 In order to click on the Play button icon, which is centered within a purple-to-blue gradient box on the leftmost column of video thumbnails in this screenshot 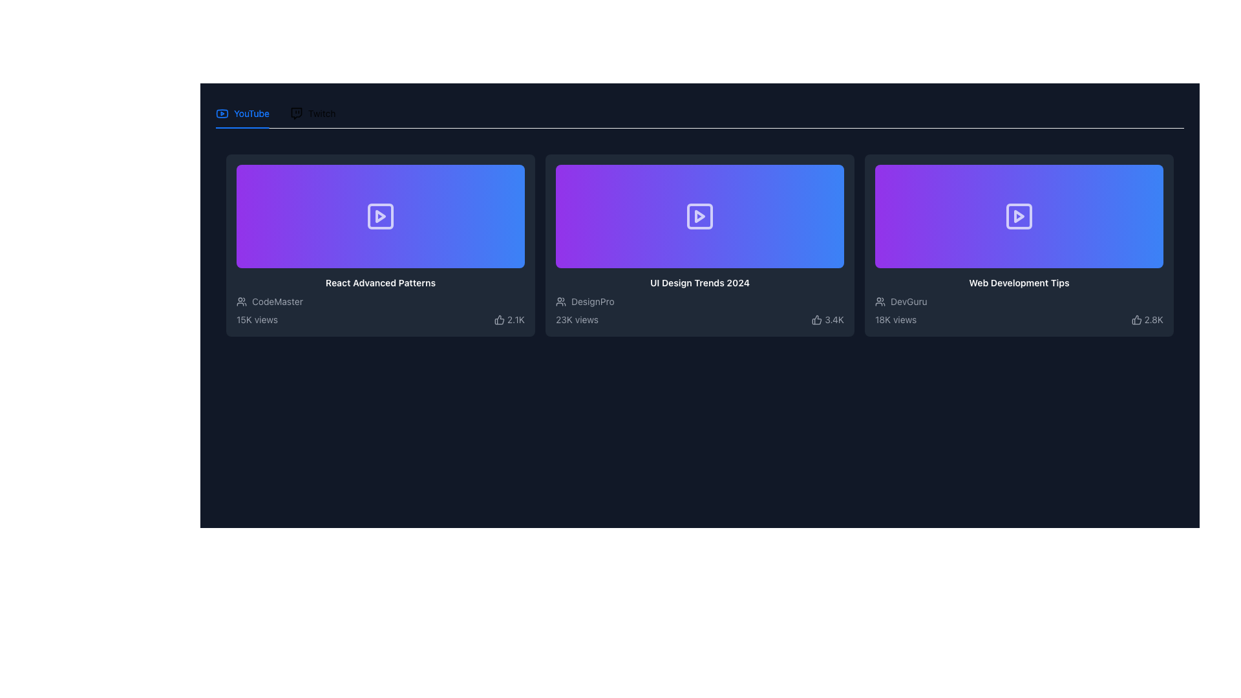, I will do `click(380, 216)`.